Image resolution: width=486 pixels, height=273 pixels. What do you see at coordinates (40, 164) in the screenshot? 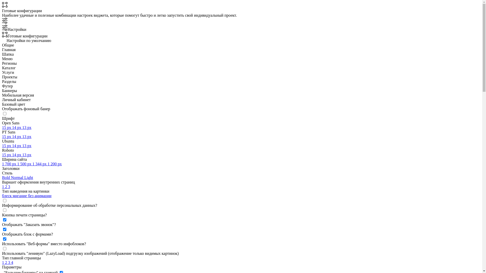
I see `'1 344 px'` at bounding box center [40, 164].